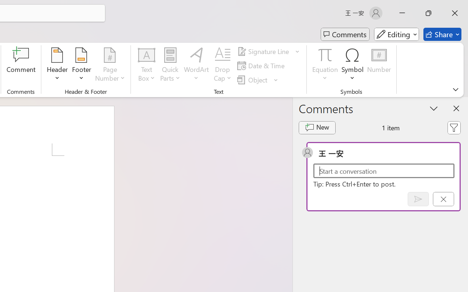 Image resolution: width=468 pixels, height=292 pixels. I want to click on 'Equation', so click(325, 55).